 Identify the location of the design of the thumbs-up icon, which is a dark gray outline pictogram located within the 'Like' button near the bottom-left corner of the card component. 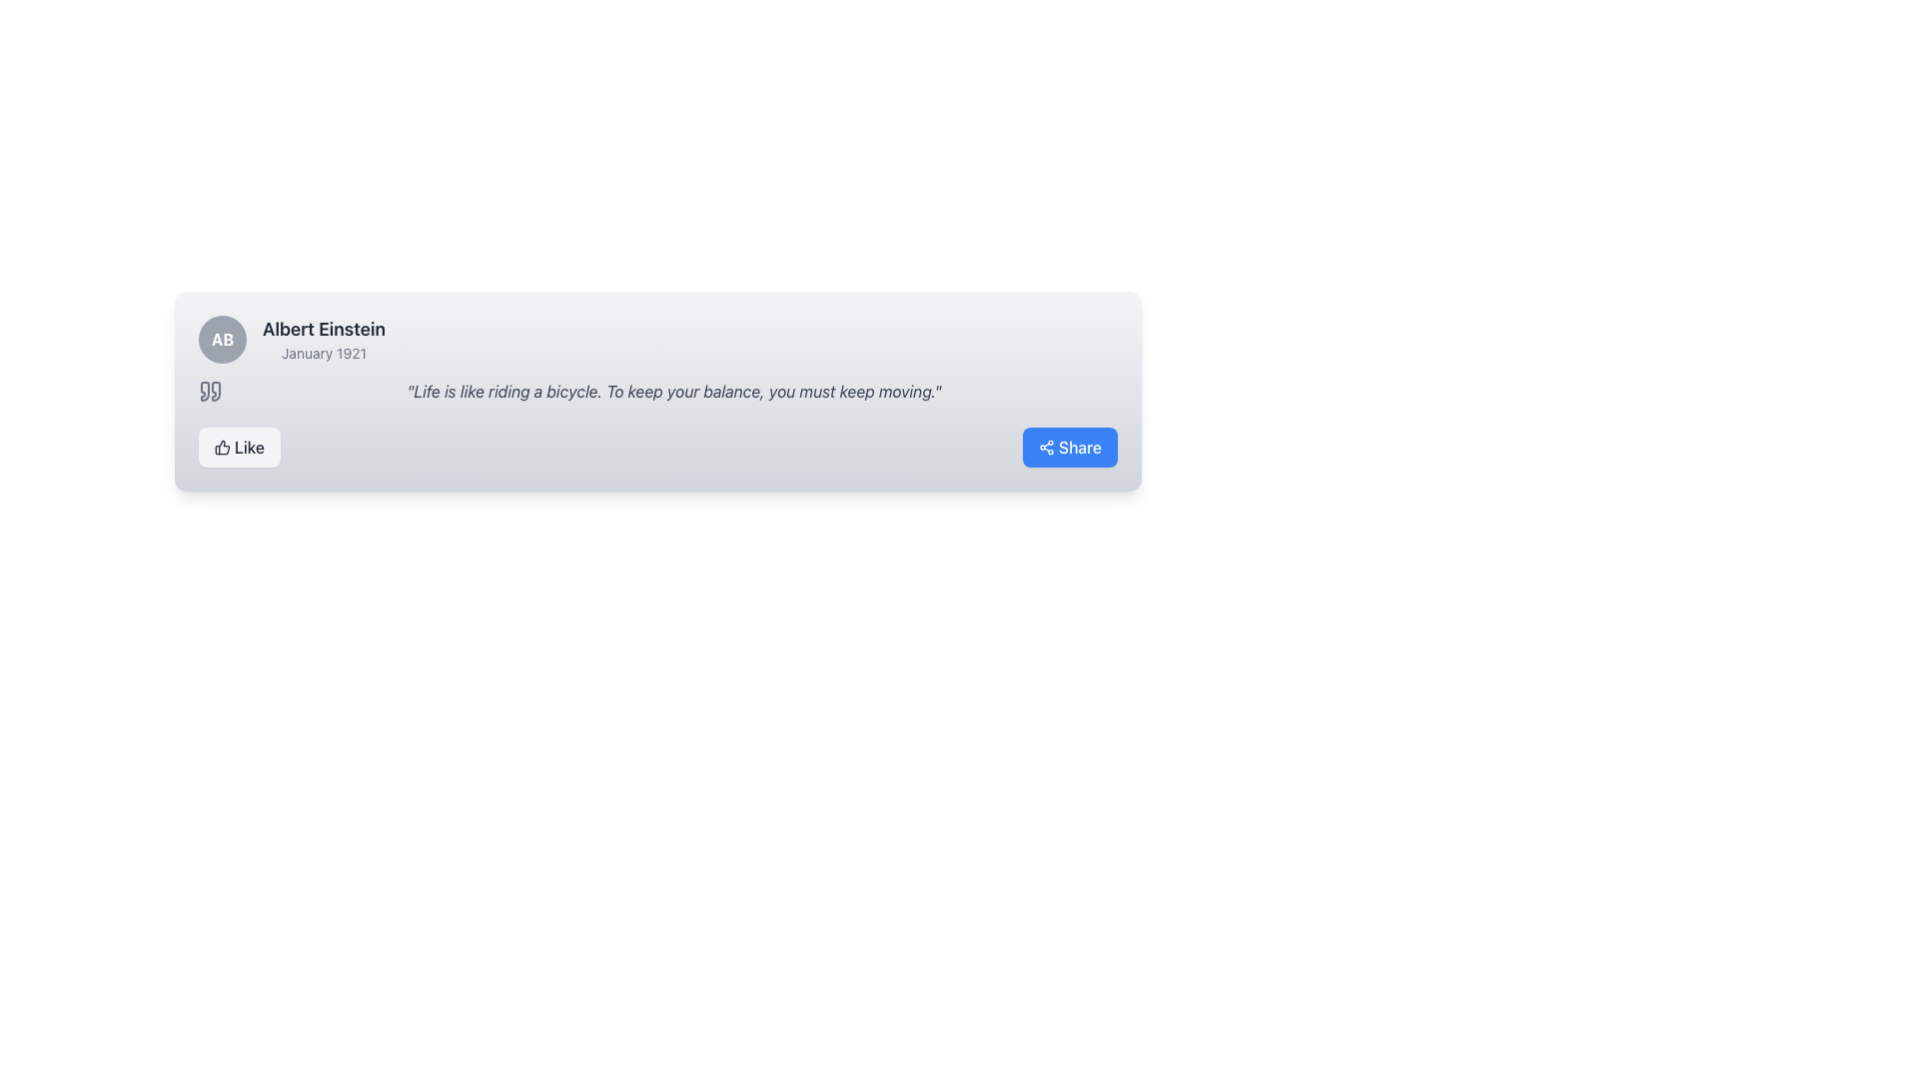
(222, 446).